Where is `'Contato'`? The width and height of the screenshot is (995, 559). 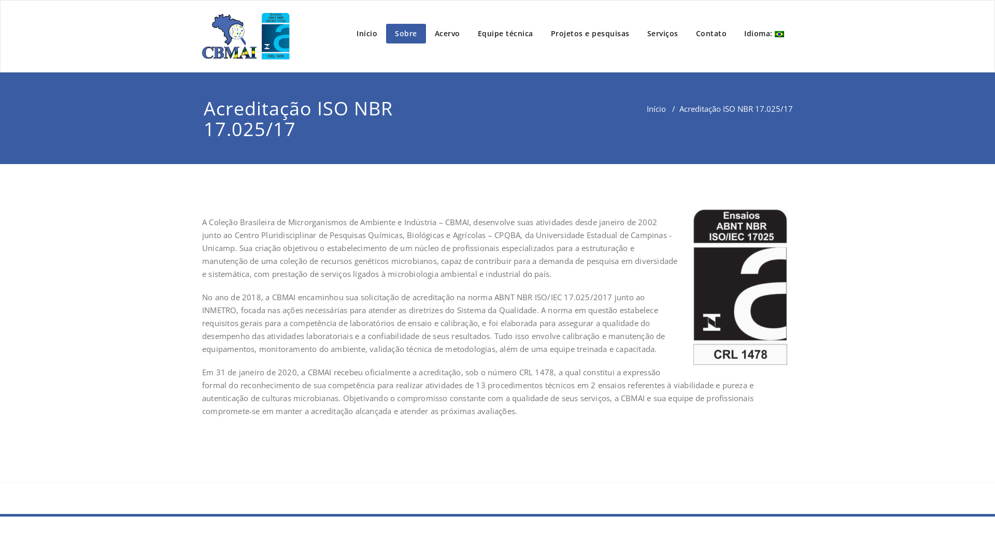
'Contato' is located at coordinates (710, 33).